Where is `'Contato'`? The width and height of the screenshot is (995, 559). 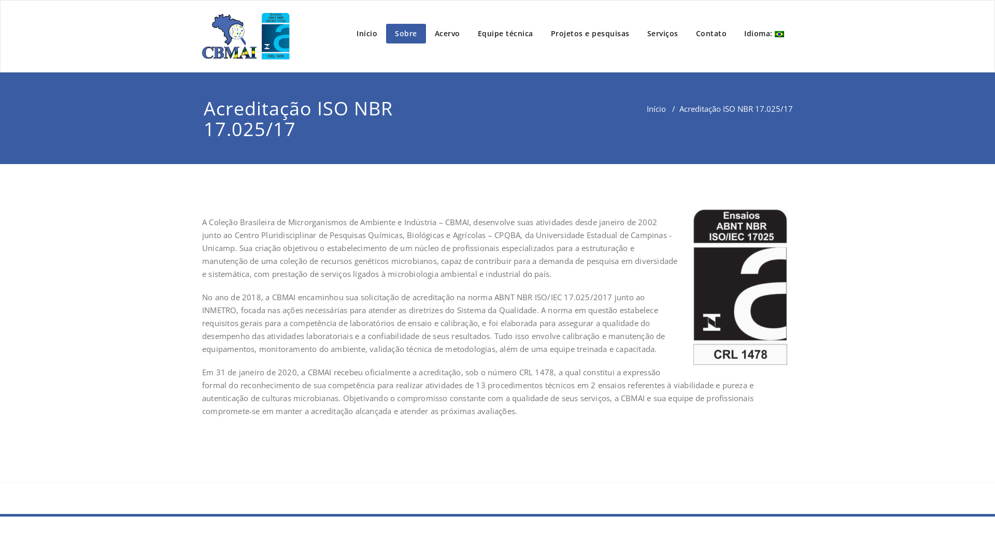
'Contato' is located at coordinates (710, 33).